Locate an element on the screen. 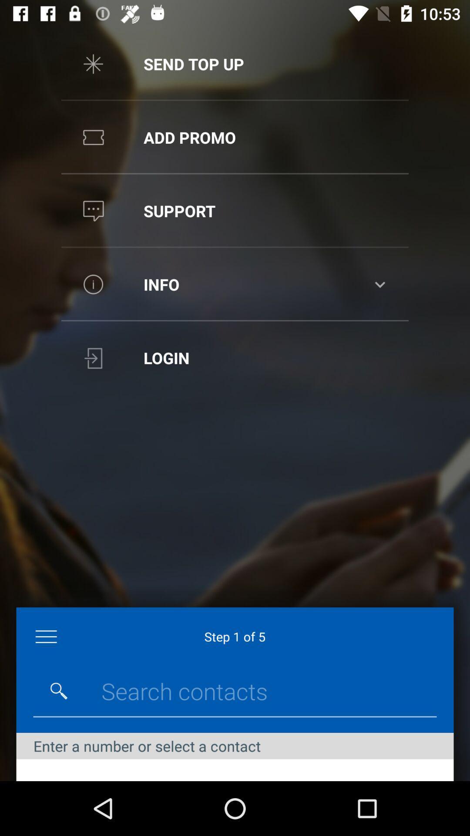  the search icon is located at coordinates (59, 691).